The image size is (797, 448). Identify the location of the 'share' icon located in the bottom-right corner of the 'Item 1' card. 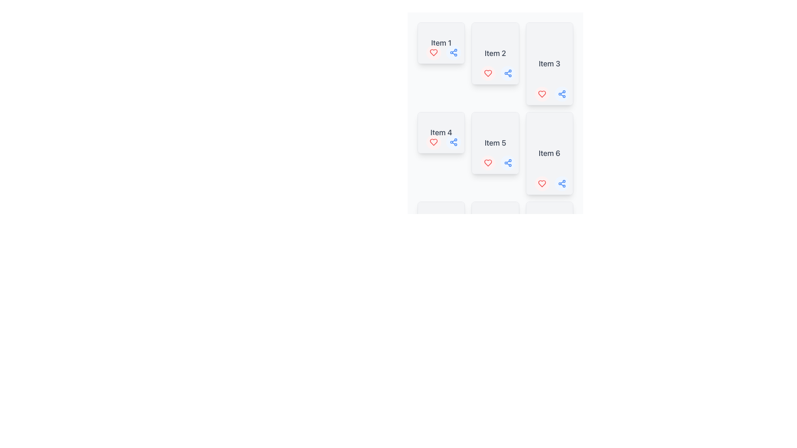
(453, 53).